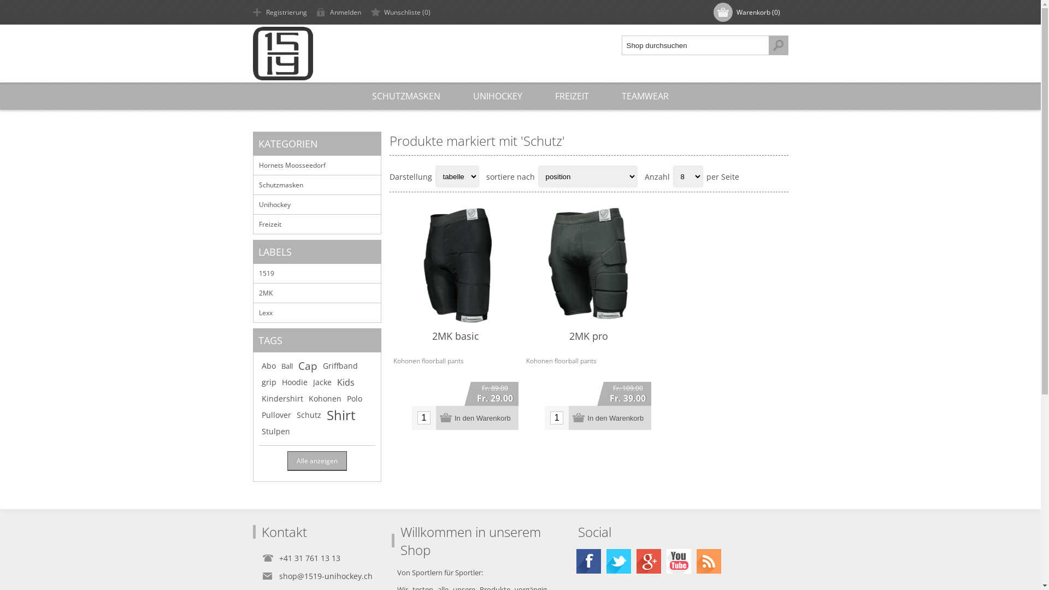 This screenshot has height=590, width=1049. Describe the element at coordinates (311, 381) in the screenshot. I see `'Jacke'` at that location.